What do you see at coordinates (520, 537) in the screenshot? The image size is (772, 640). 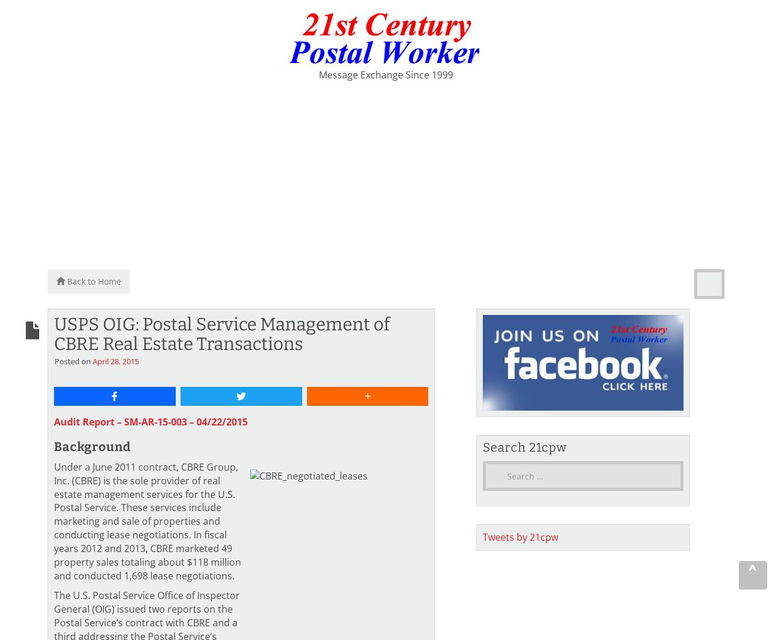 I see `'Tweets by 21cpw'` at bounding box center [520, 537].